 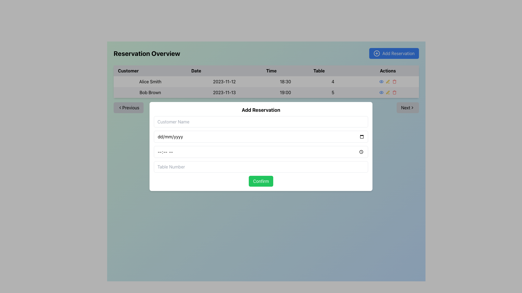 I want to click on the text box displaying '5', which indicates the table number assigned to a specific reservation located in the fourth column of the second row in the reservation table, so click(x=333, y=92).